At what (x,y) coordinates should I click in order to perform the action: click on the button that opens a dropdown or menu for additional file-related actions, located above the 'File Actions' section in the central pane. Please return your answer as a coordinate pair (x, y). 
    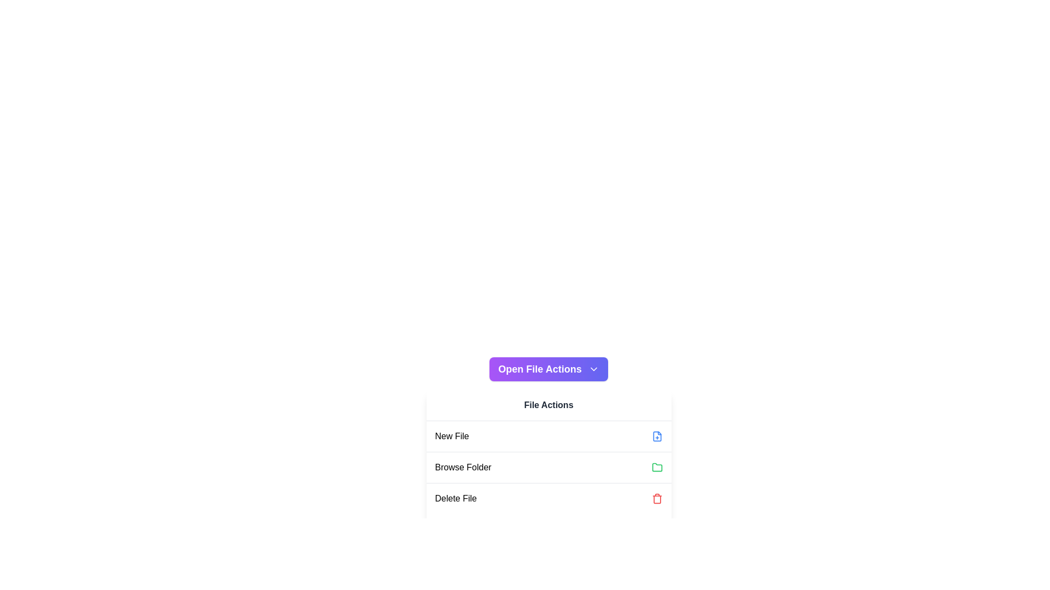
    Looking at the image, I should click on (549, 369).